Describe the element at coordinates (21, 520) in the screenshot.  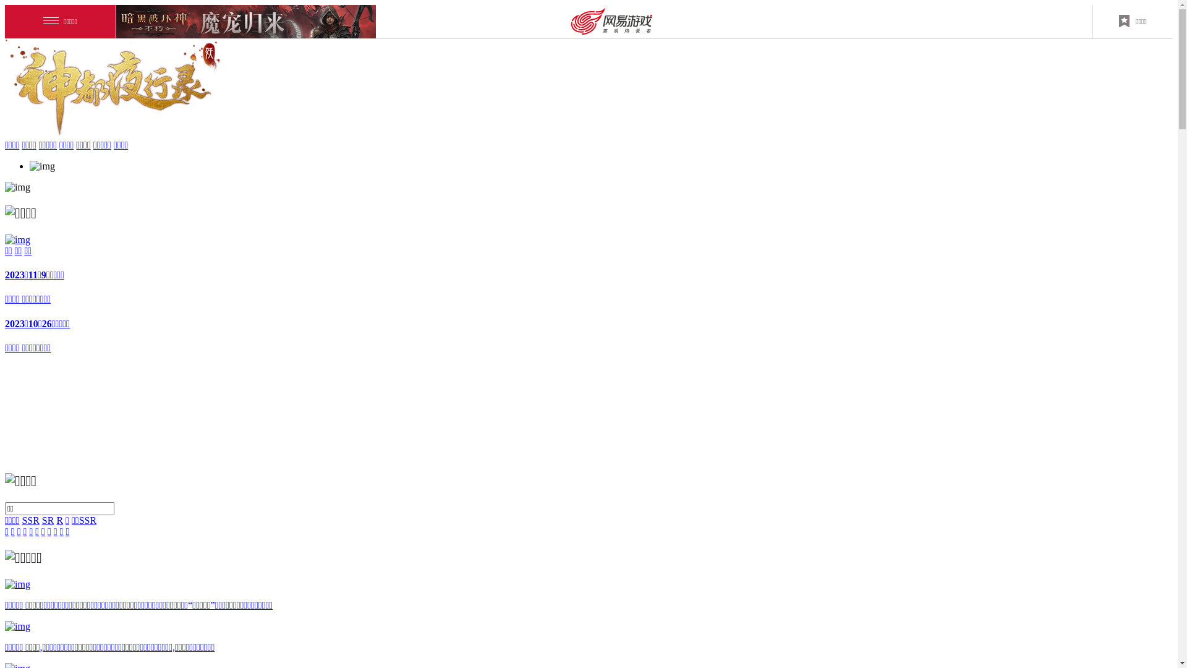
I see `'SSR'` at that location.